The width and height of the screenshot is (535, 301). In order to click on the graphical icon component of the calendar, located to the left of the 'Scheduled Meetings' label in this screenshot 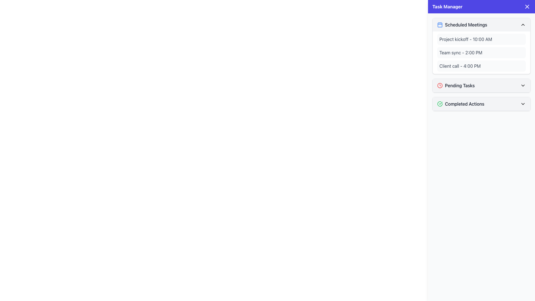, I will do `click(440, 24)`.